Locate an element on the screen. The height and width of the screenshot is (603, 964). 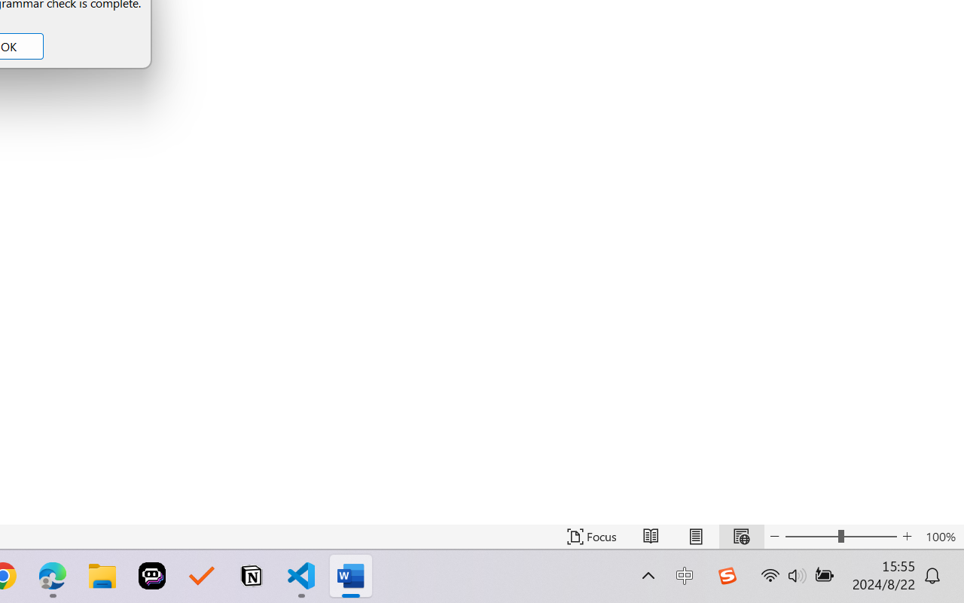
'Focus ' is located at coordinates (591, 536).